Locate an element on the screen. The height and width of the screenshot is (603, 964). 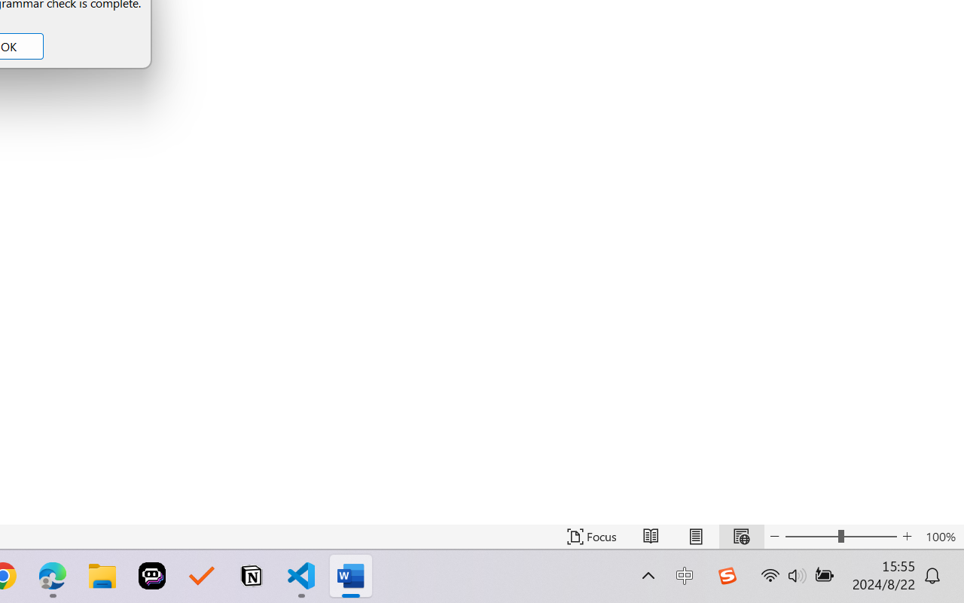
'Focus ' is located at coordinates (591, 536).